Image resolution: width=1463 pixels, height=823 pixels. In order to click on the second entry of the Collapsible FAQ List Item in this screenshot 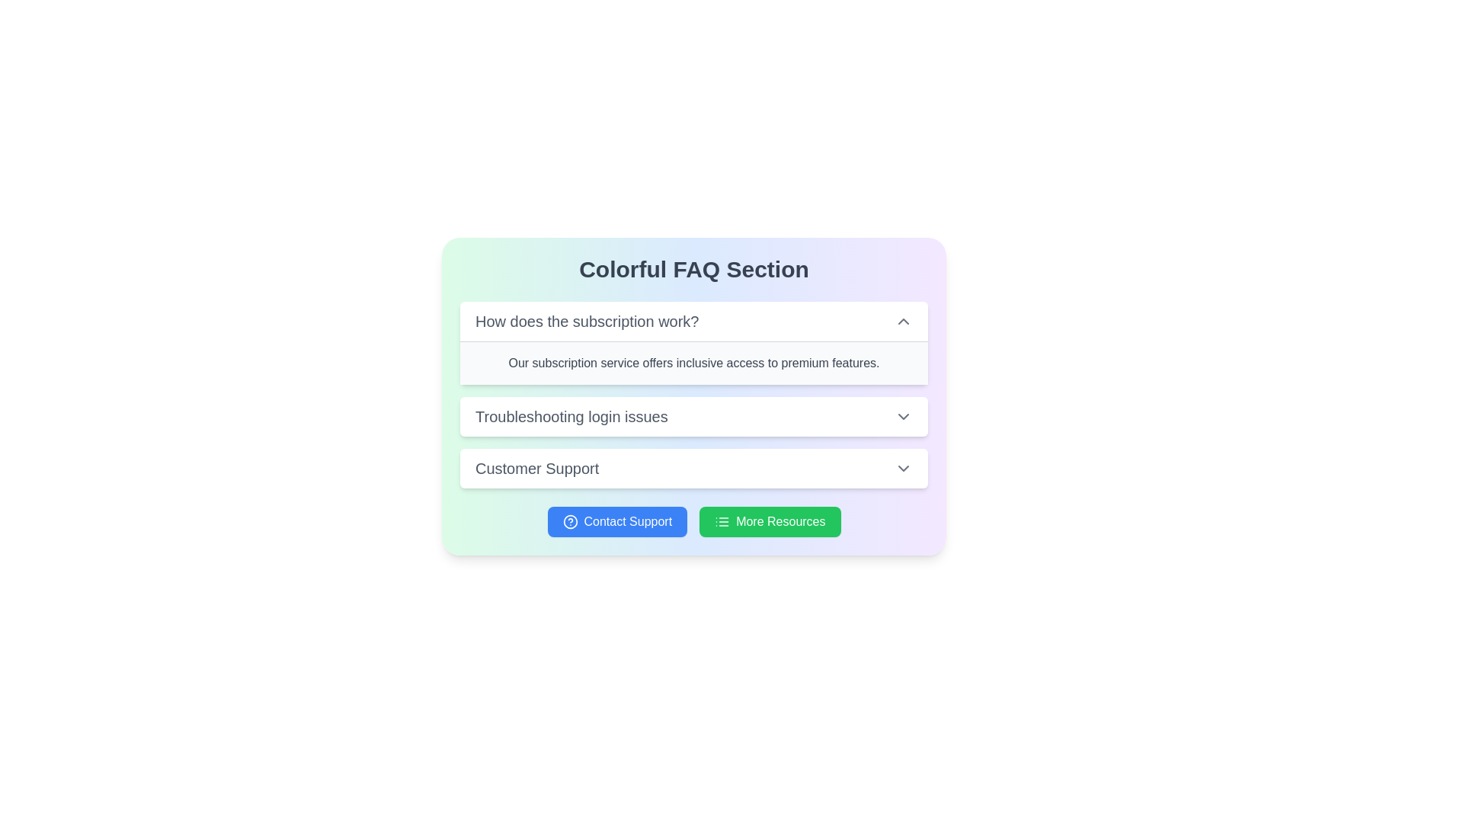, I will do `click(693, 417)`.